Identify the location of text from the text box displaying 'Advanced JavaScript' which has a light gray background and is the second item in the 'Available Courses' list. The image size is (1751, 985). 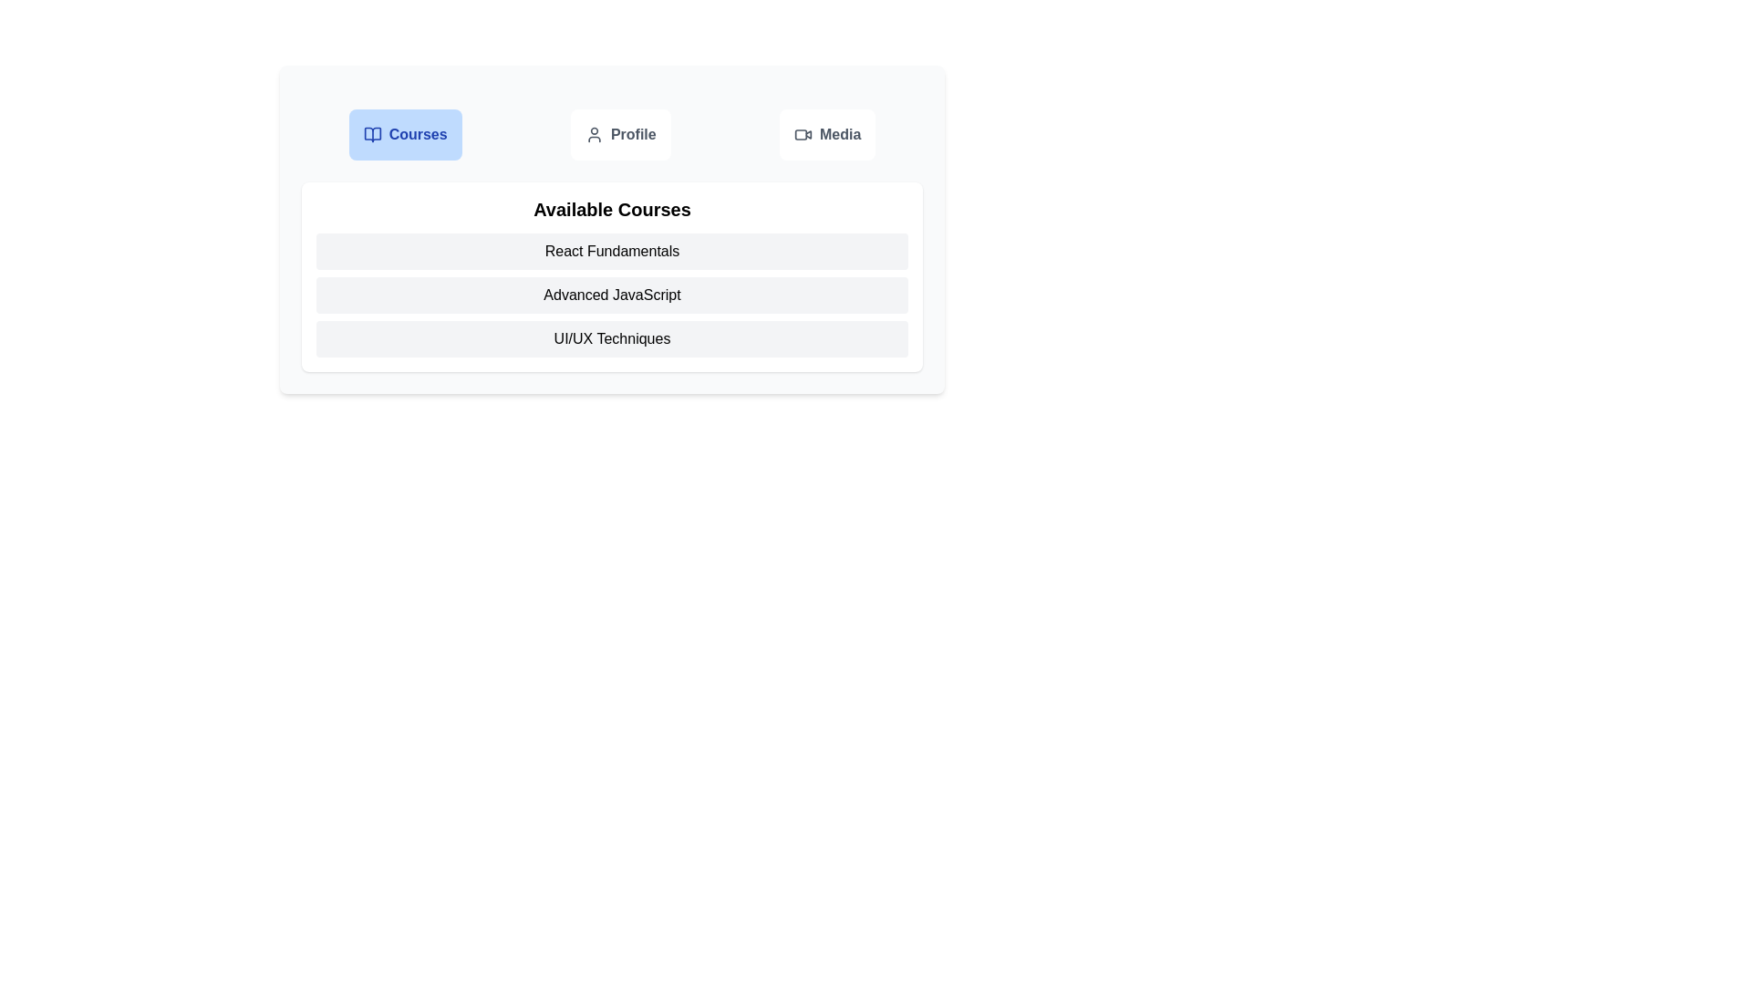
(612, 295).